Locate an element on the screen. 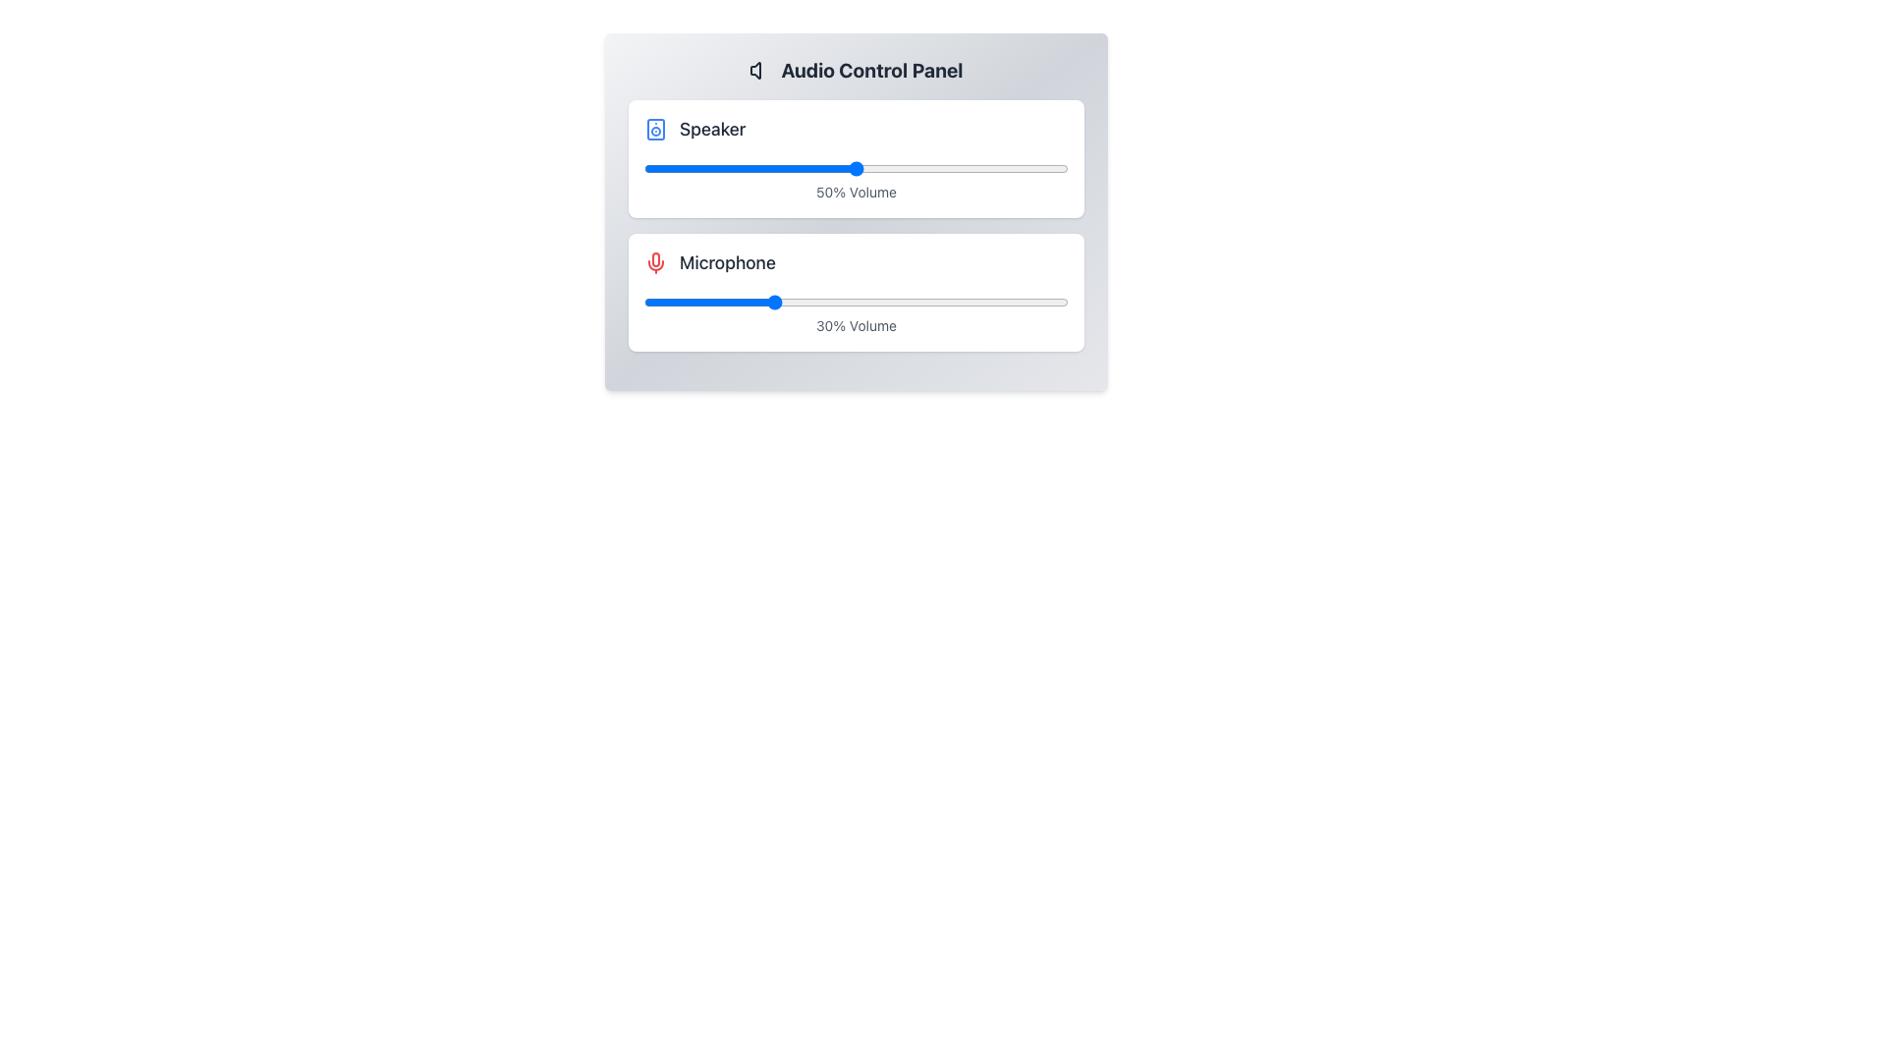  the microphone volume is located at coordinates (674, 303).